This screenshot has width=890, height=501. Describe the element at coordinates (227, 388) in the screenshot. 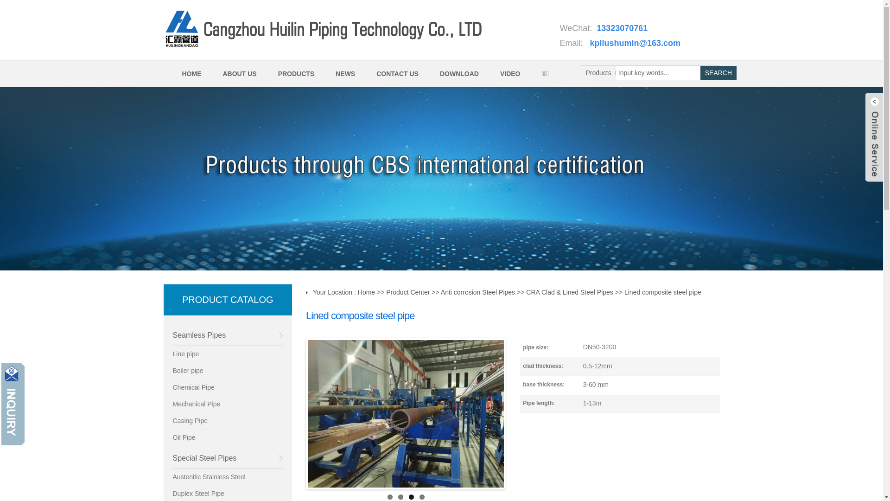

I see `'Chemical Pipe'` at that location.